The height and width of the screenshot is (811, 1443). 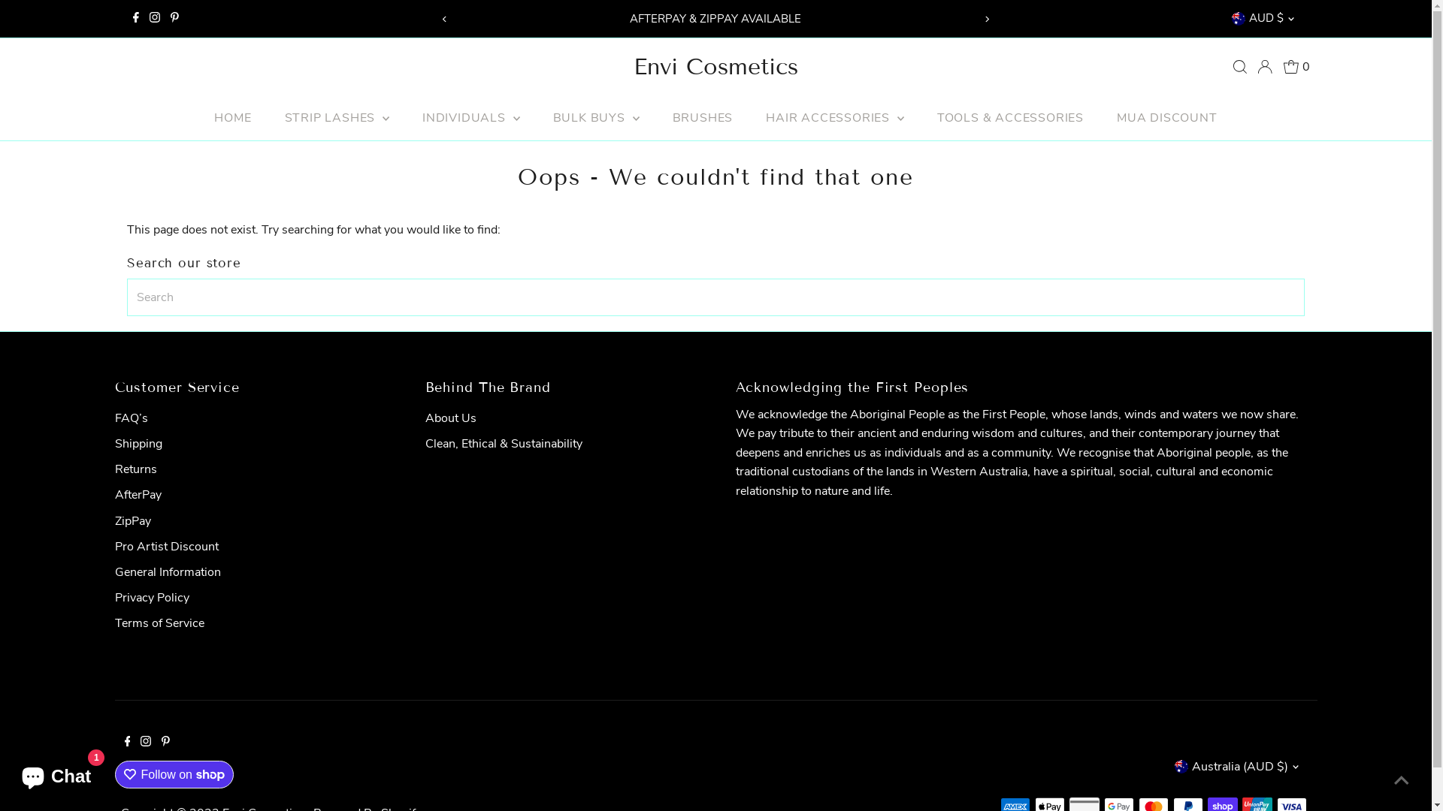 What do you see at coordinates (7, 773) in the screenshot?
I see `'Shopify online store chat'` at bounding box center [7, 773].